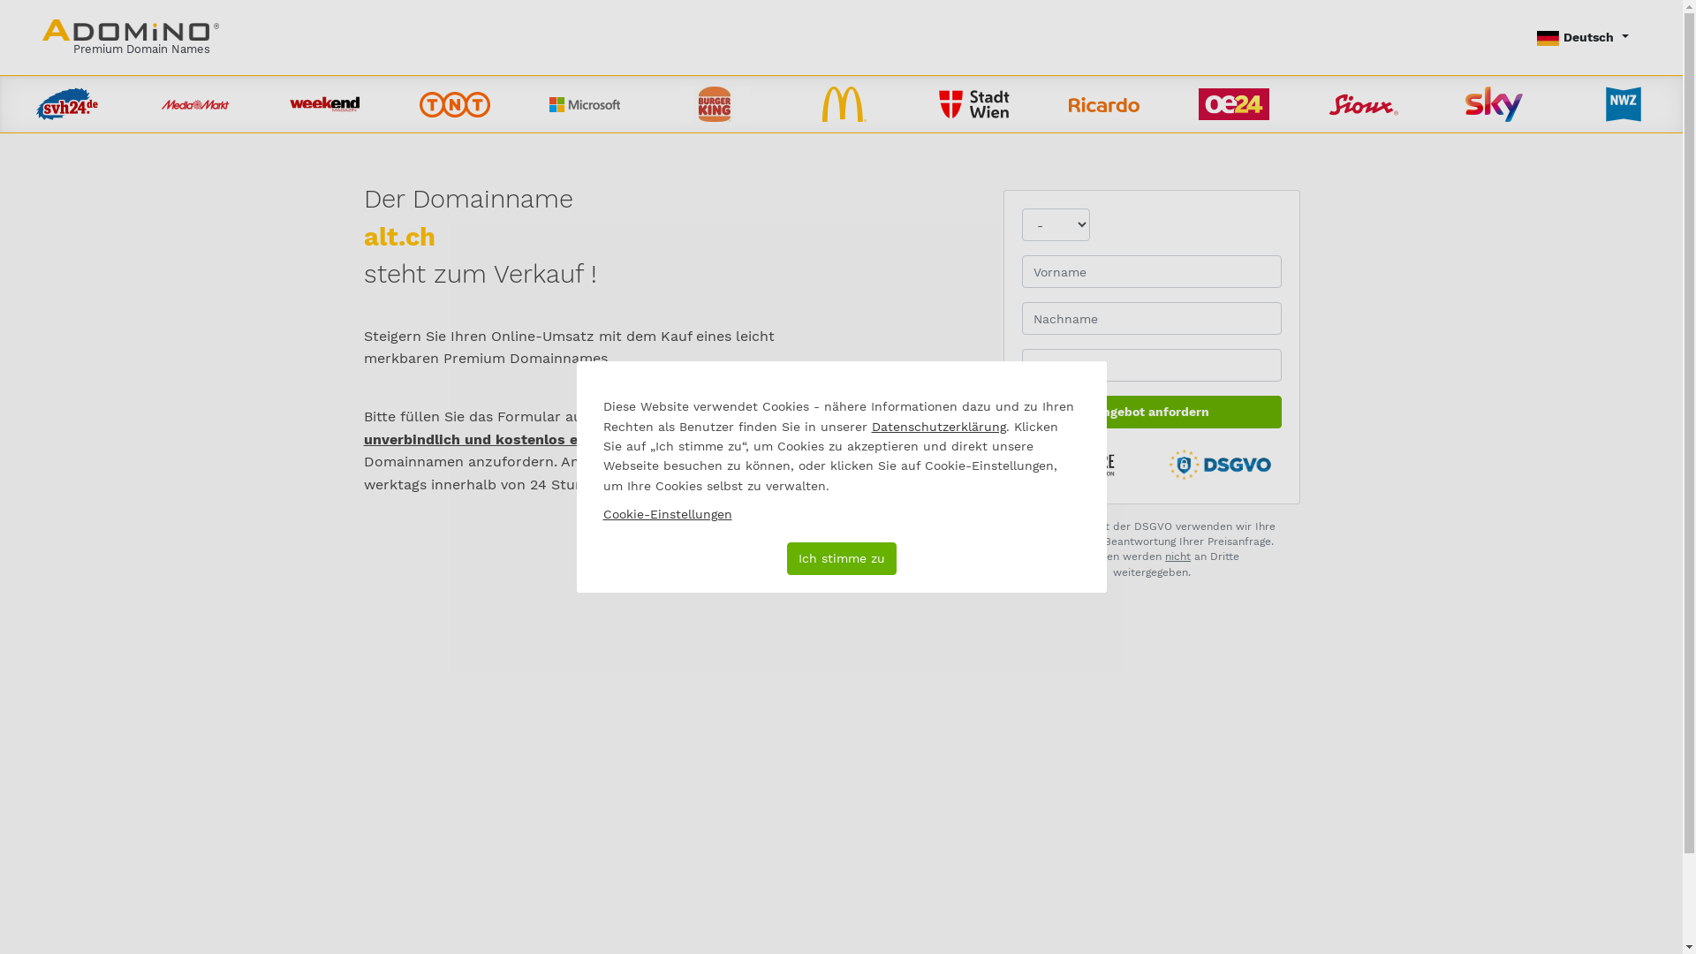 The height and width of the screenshot is (954, 1696). Describe the element at coordinates (1582, 37) in the screenshot. I see `'Deutsch'` at that location.